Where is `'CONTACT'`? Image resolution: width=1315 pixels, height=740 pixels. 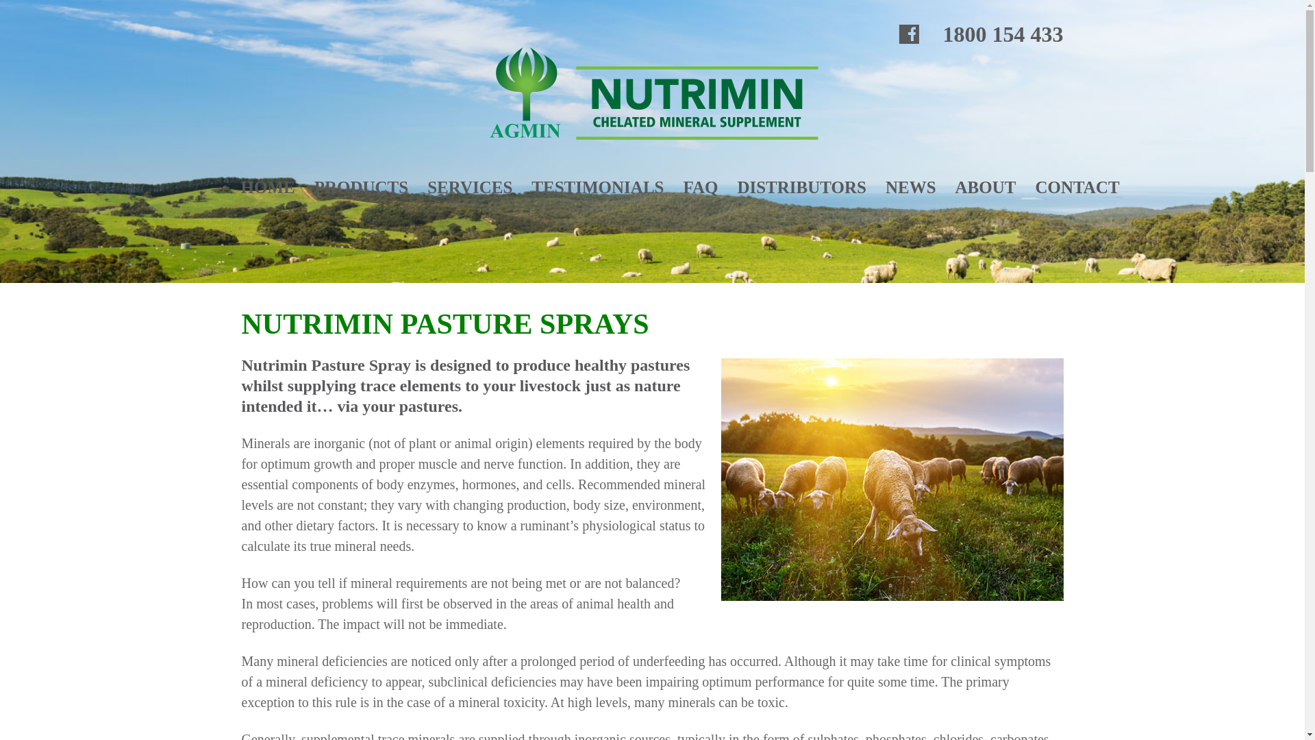 'CONTACT' is located at coordinates (1035, 187).